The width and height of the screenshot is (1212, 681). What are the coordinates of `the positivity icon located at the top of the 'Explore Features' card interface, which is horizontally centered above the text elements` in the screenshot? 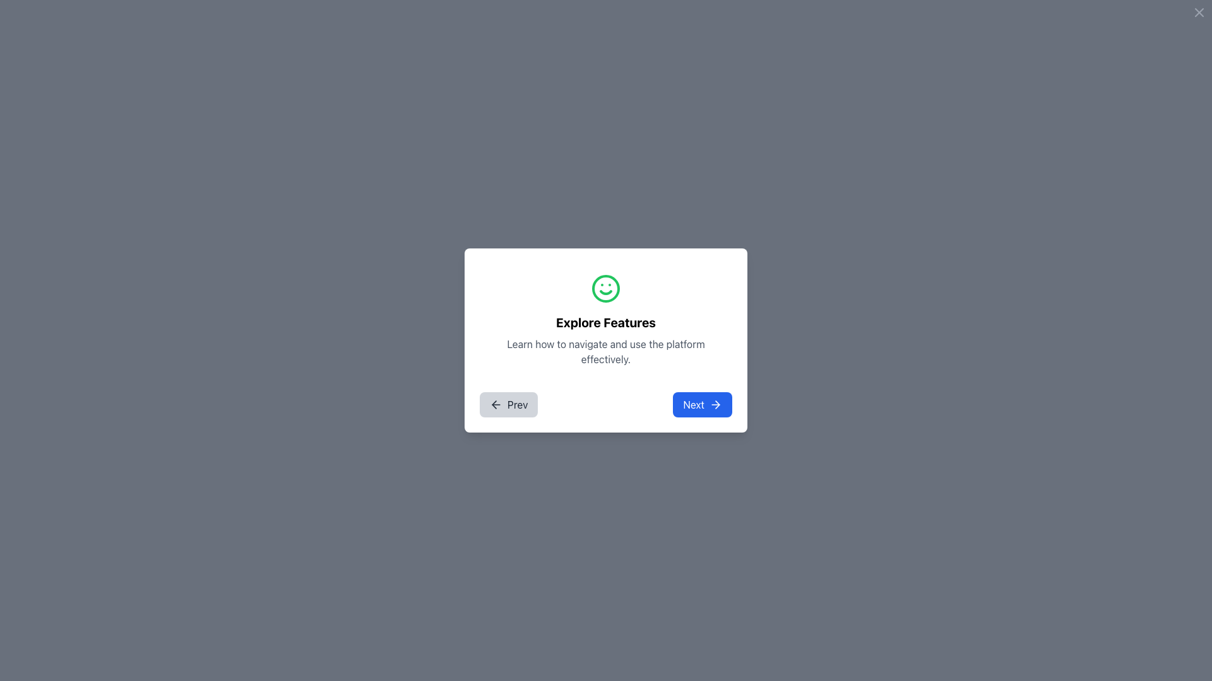 It's located at (606, 289).